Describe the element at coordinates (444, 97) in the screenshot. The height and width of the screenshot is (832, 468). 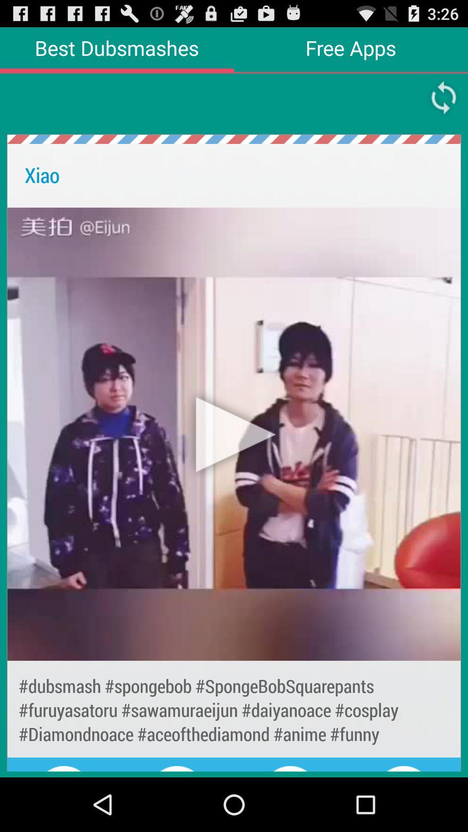
I see `refresh` at that location.